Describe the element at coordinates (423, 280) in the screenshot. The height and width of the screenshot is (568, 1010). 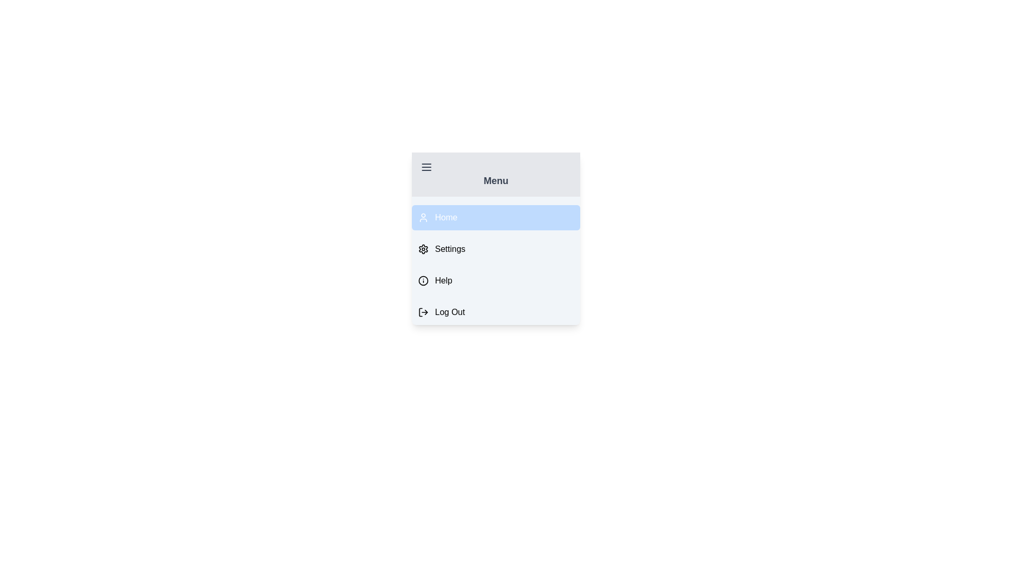
I see `the icon of the menu item labeled Help to inspect it` at that location.